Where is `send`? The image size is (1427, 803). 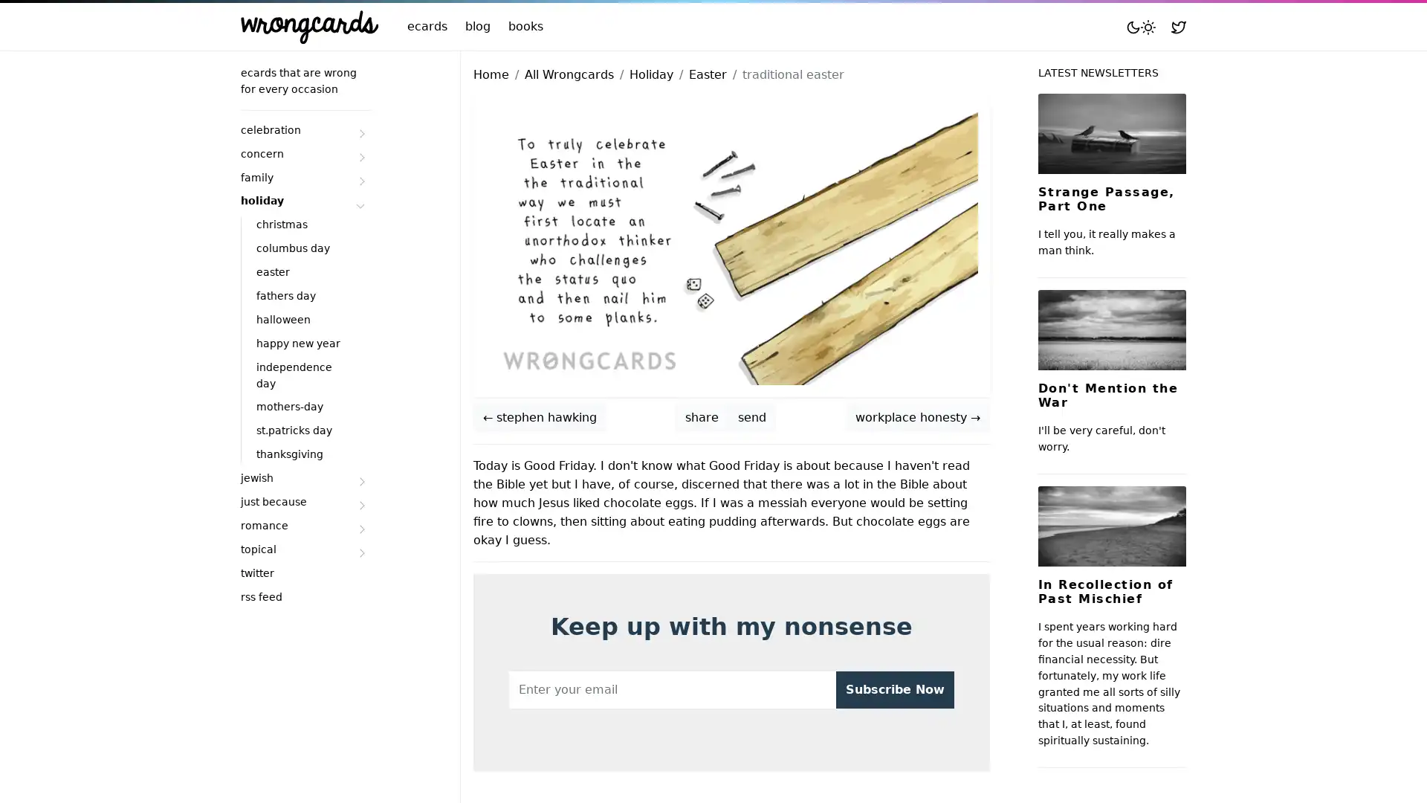
send is located at coordinates (752, 417).